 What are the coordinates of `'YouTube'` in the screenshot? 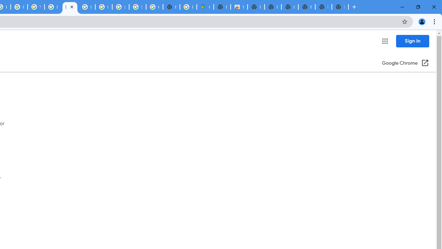 It's located at (36, 7).